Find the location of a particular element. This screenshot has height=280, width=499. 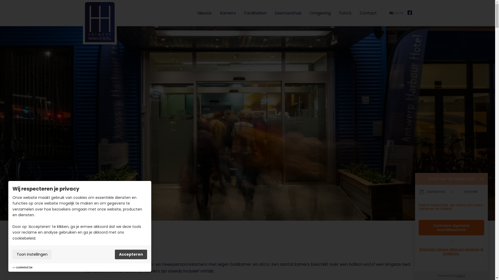

'Cubilis' is located at coordinates (460, 275).